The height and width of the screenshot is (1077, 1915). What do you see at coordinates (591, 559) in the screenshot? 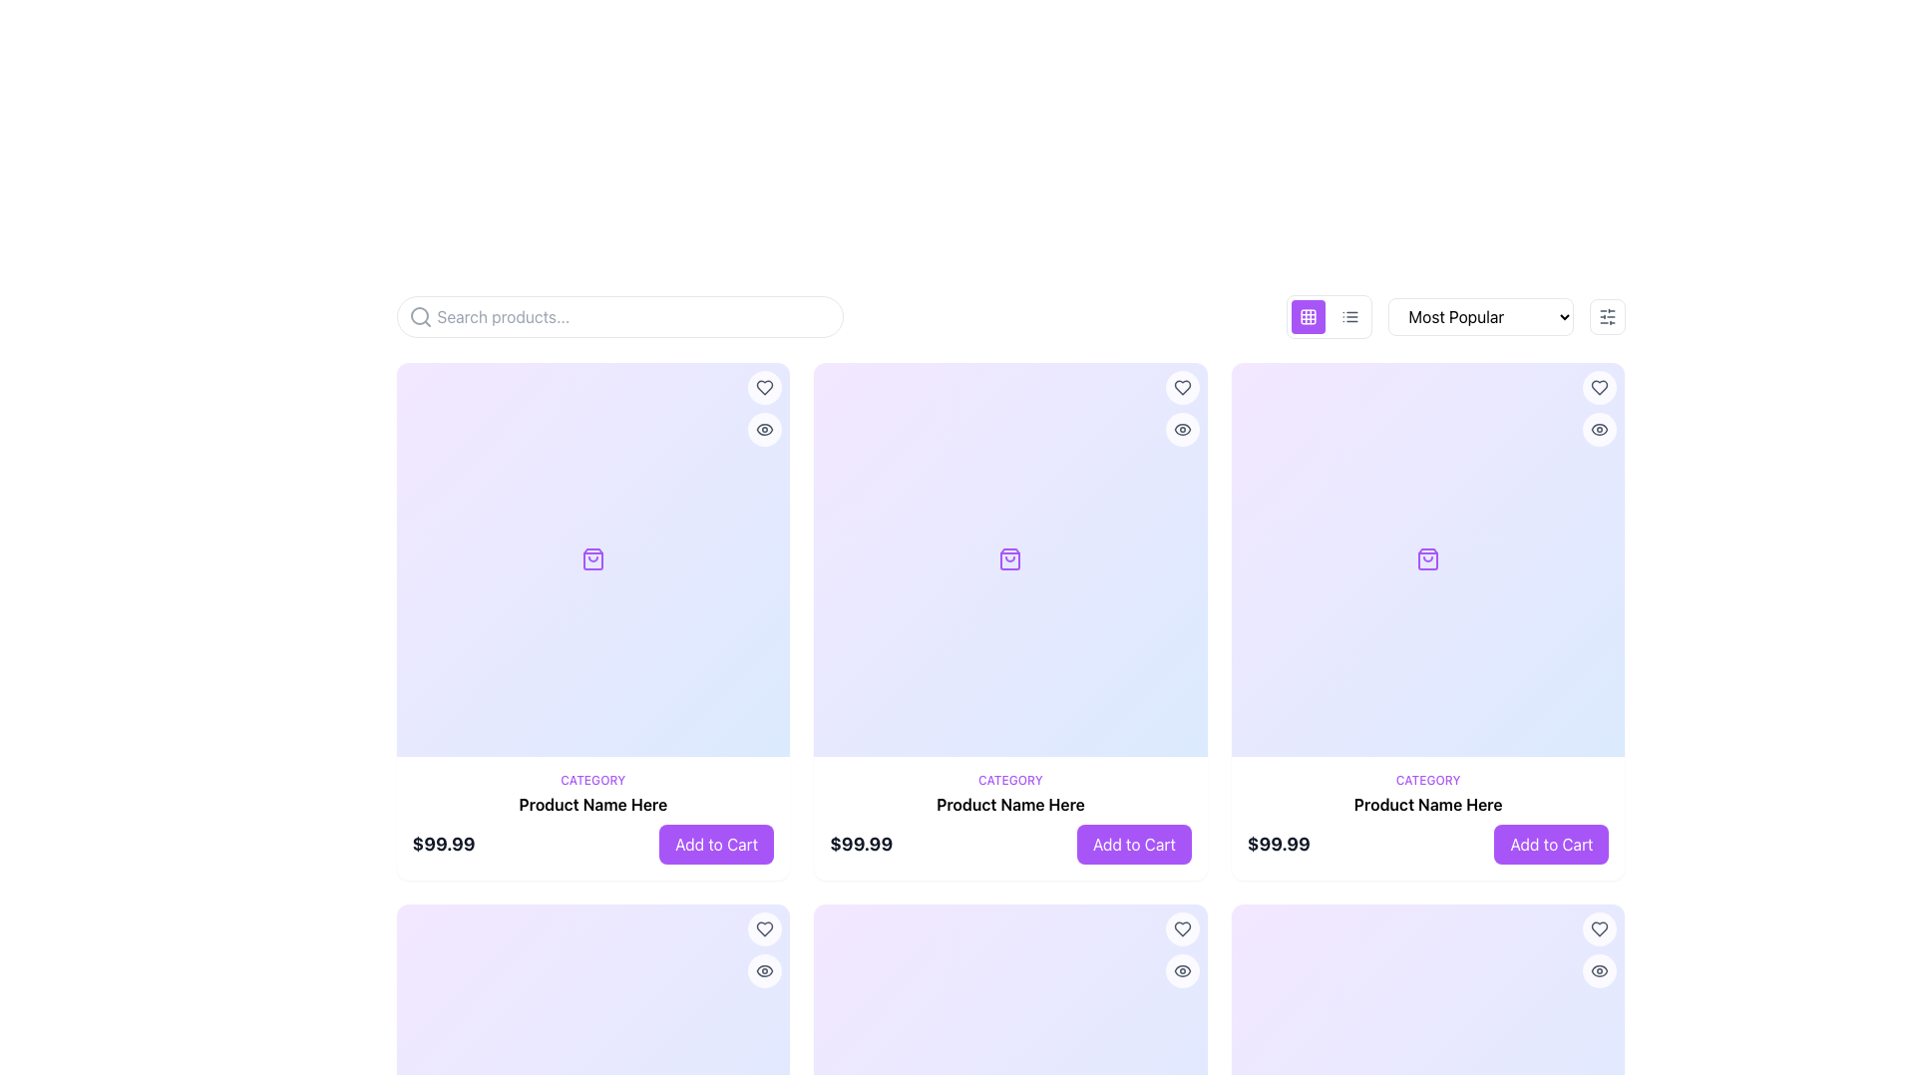
I see `the shopping bag icon, which is visually styled with a purple color and thin strokes, located centrally within the first product card in the top row of the grid layout` at bounding box center [591, 559].